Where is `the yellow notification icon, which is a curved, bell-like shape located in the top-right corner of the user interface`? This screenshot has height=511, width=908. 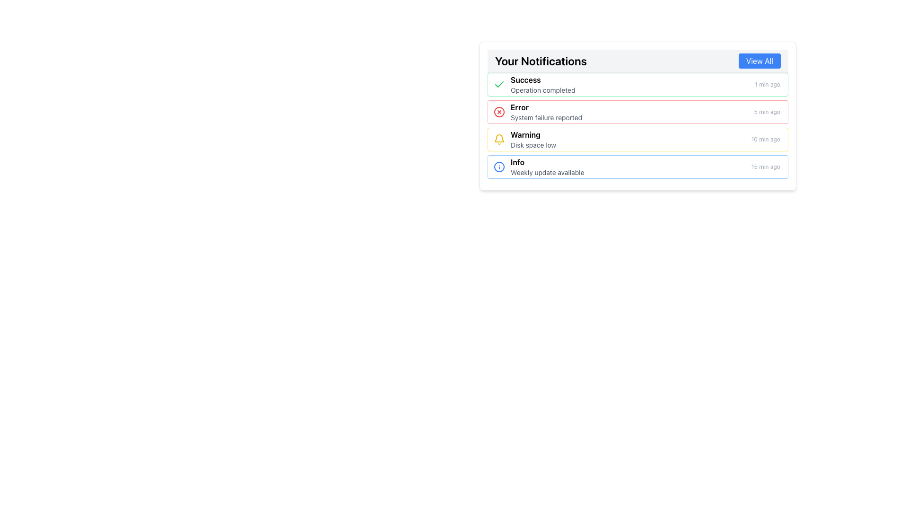 the yellow notification icon, which is a curved, bell-like shape located in the top-right corner of the user interface is located at coordinates (499, 138).